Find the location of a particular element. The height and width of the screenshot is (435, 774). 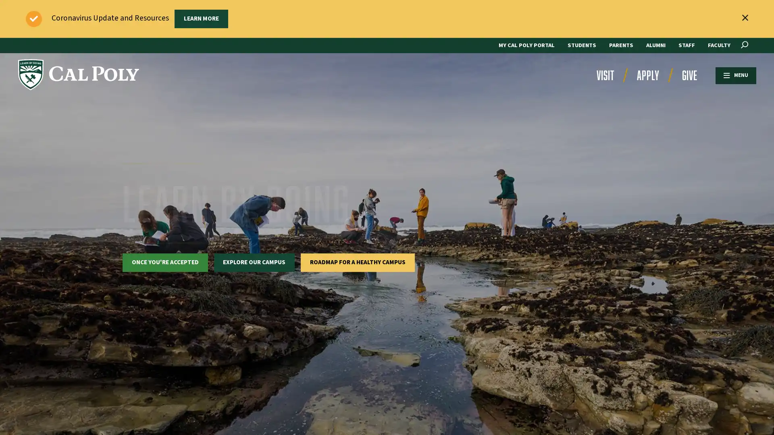

MENU is located at coordinates (728, 75).